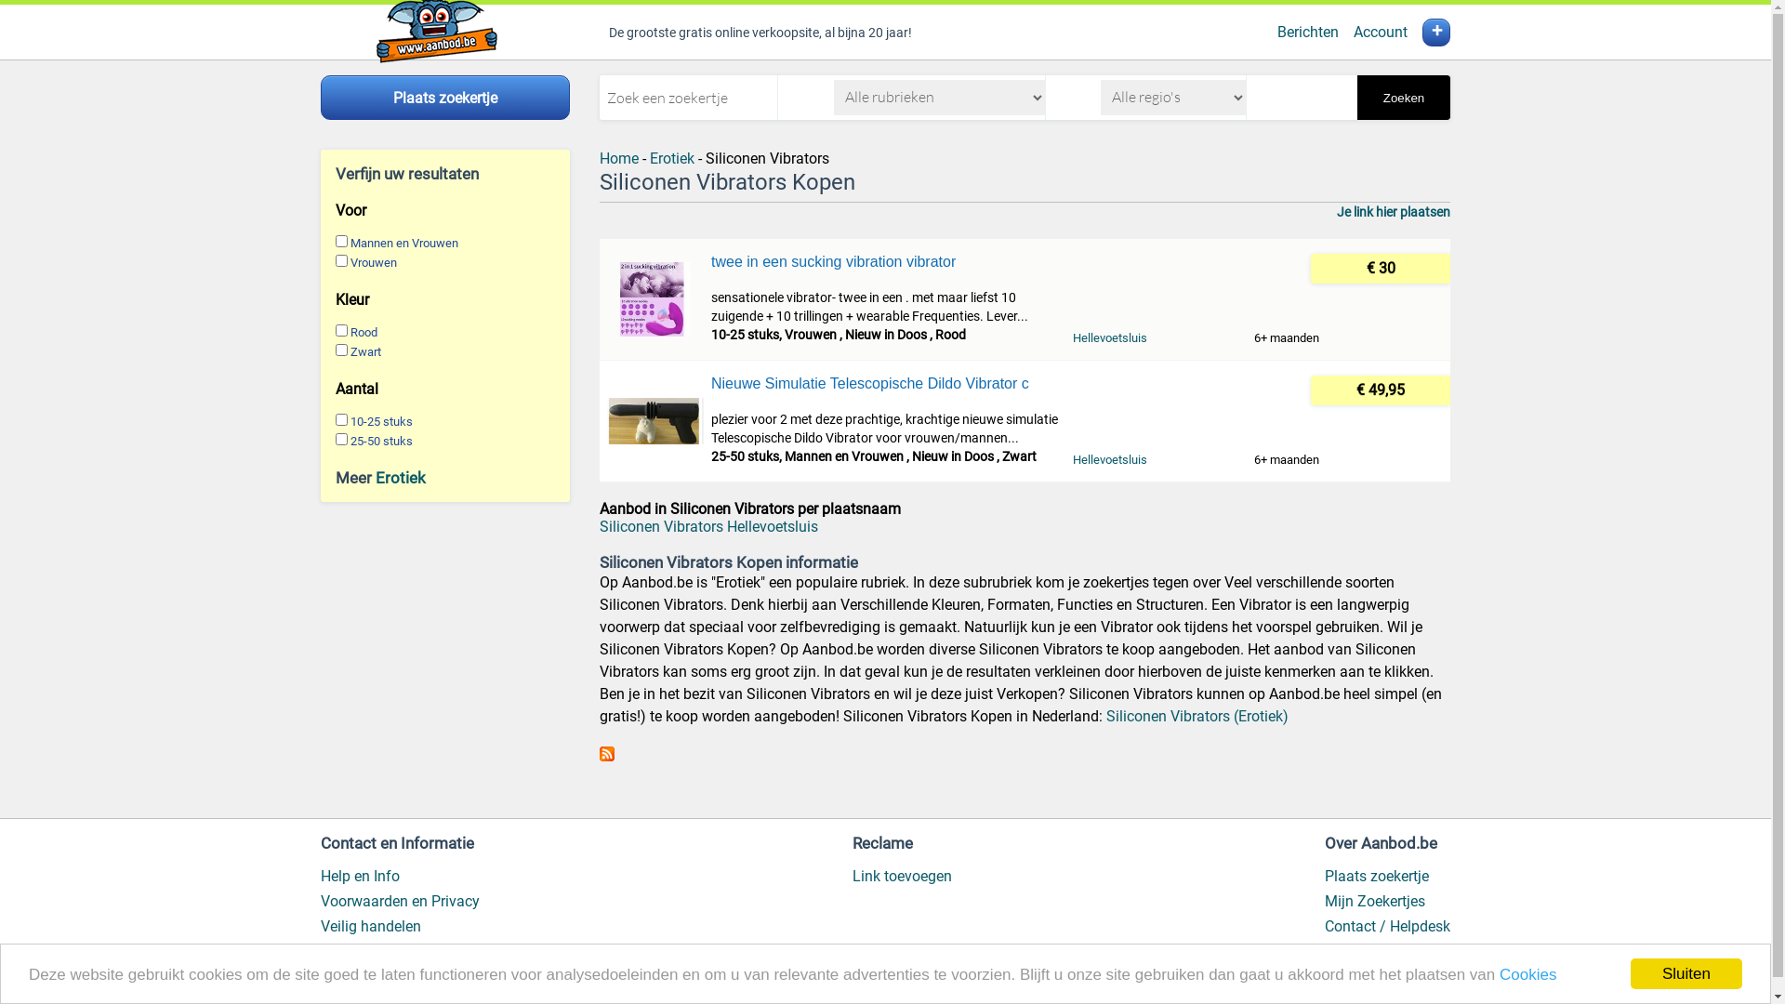  What do you see at coordinates (707, 526) in the screenshot?
I see `'Siliconen Vibrators Hellevoetsluis'` at bounding box center [707, 526].